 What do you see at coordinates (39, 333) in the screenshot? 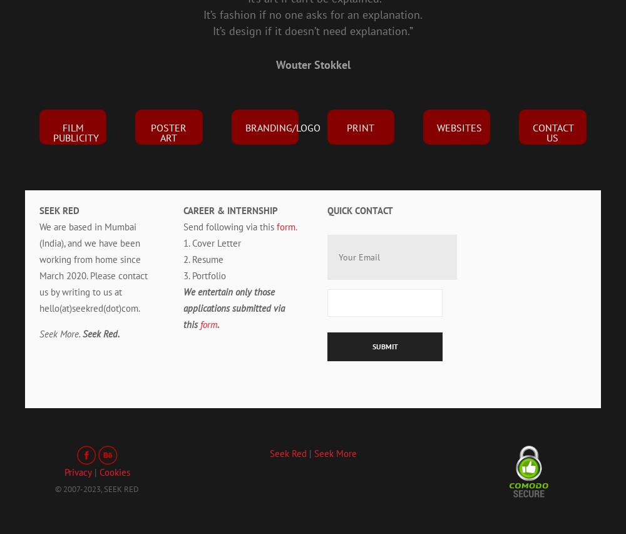
I see `'Seek More.'` at bounding box center [39, 333].